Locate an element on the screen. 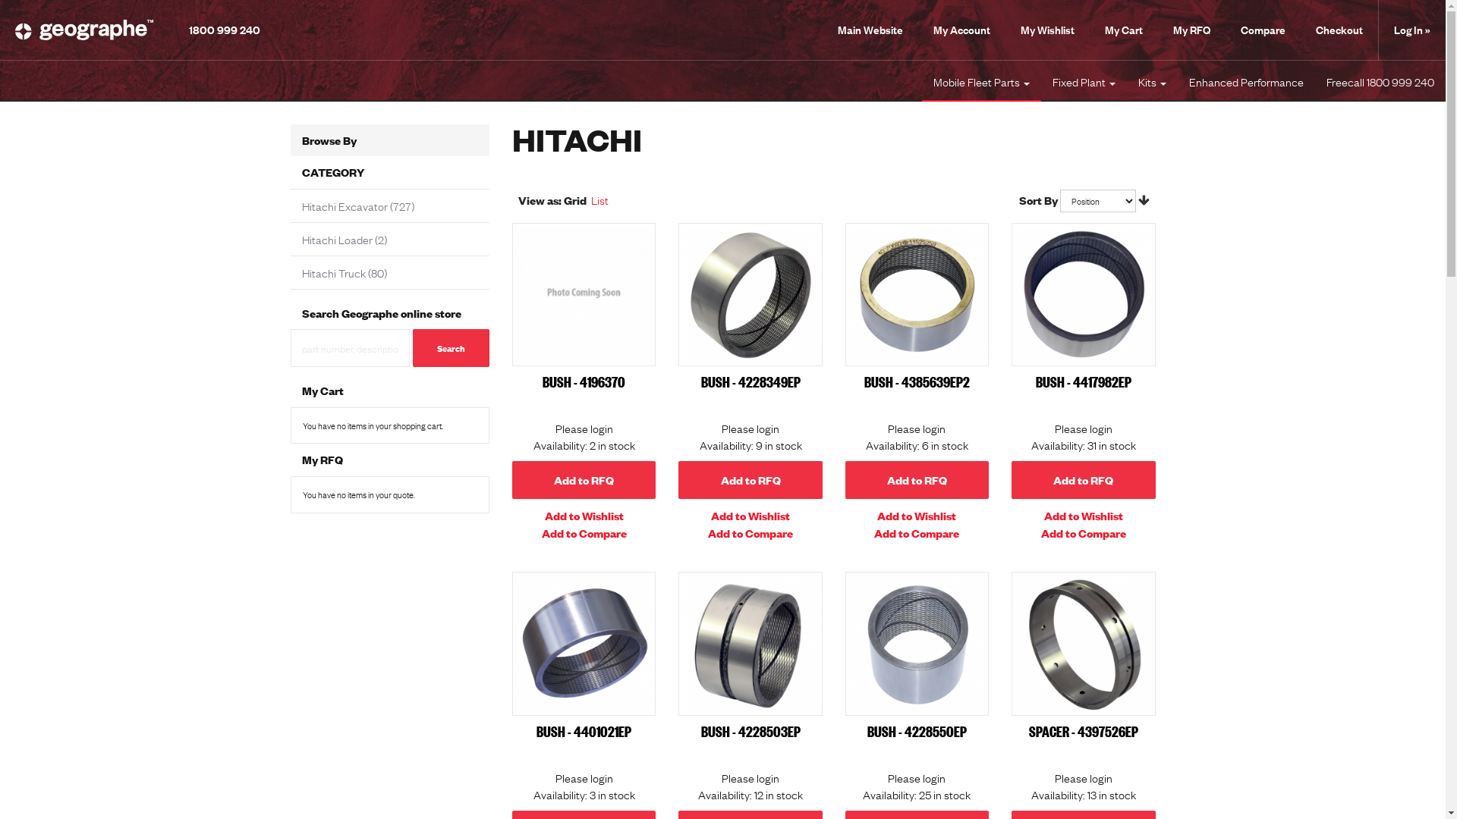 This screenshot has height=819, width=1457. 'Add to Wishlist' is located at coordinates (583, 514).